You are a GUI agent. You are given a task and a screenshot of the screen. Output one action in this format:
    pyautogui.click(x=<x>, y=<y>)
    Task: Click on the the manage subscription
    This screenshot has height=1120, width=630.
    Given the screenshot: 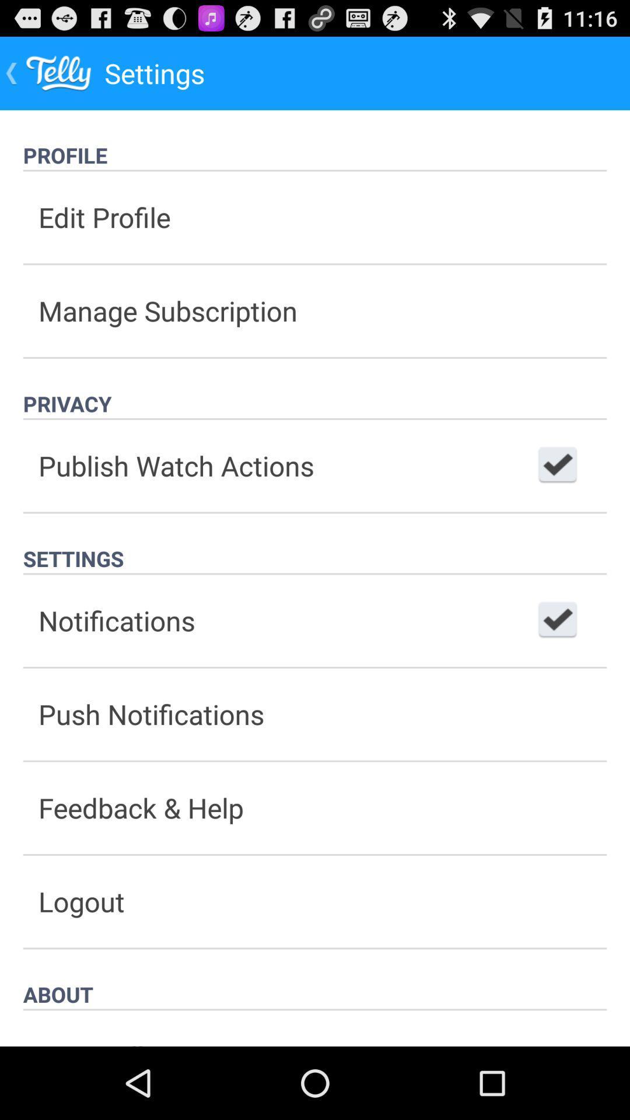 What is the action you would take?
    pyautogui.click(x=315, y=311)
    